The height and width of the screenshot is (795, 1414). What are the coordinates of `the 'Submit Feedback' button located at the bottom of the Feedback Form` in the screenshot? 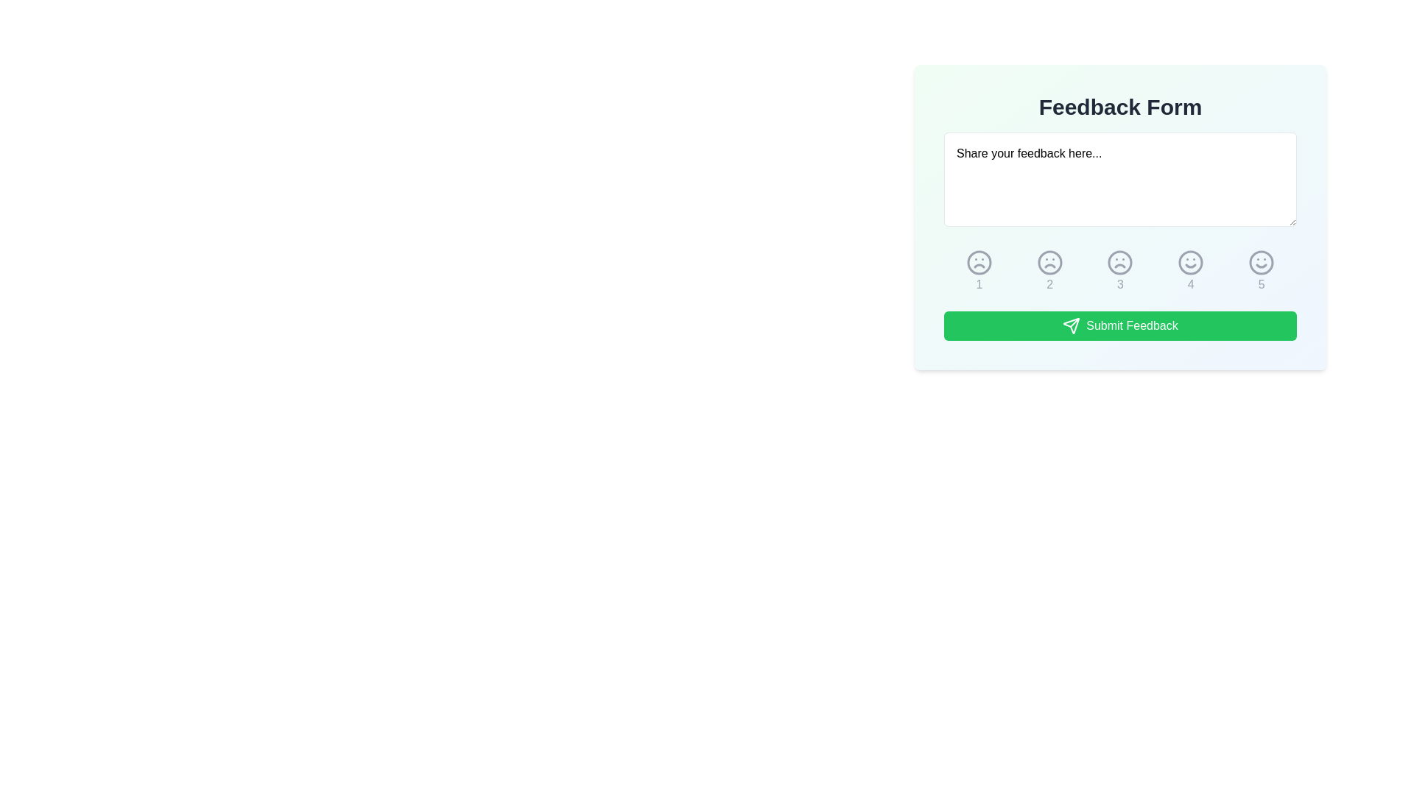 It's located at (1119, 325).